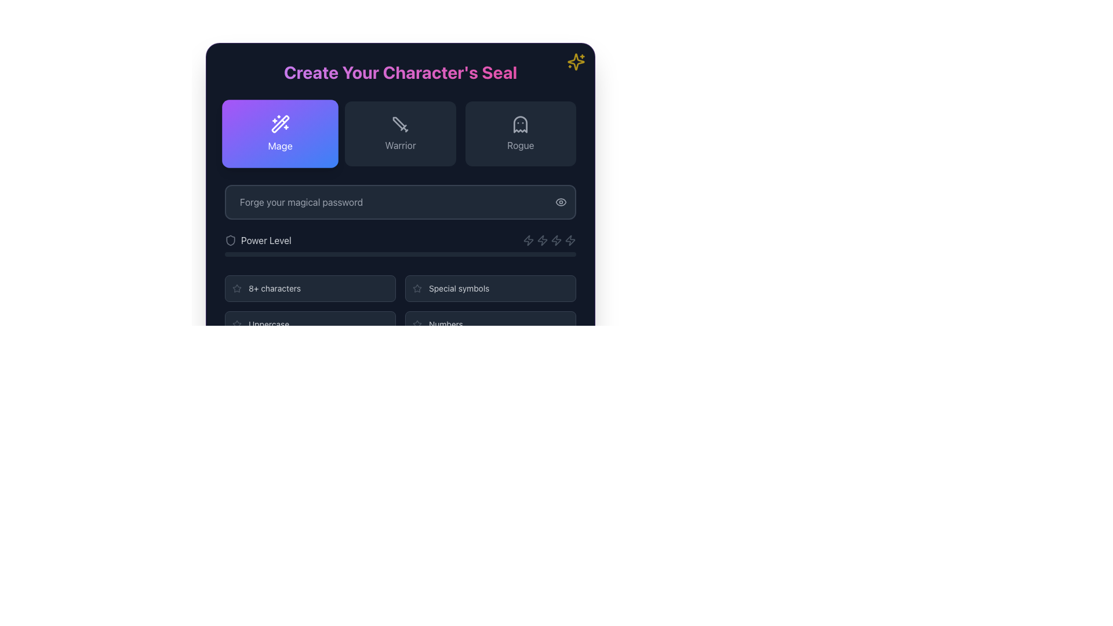 The width and height of the screenshot is (1113, 626). I want to click on the star icon with a hollow outline and rounded edges, which is positioned to the left of the 'Numbers' label in the lower section of the form interface, so click(417, 324).